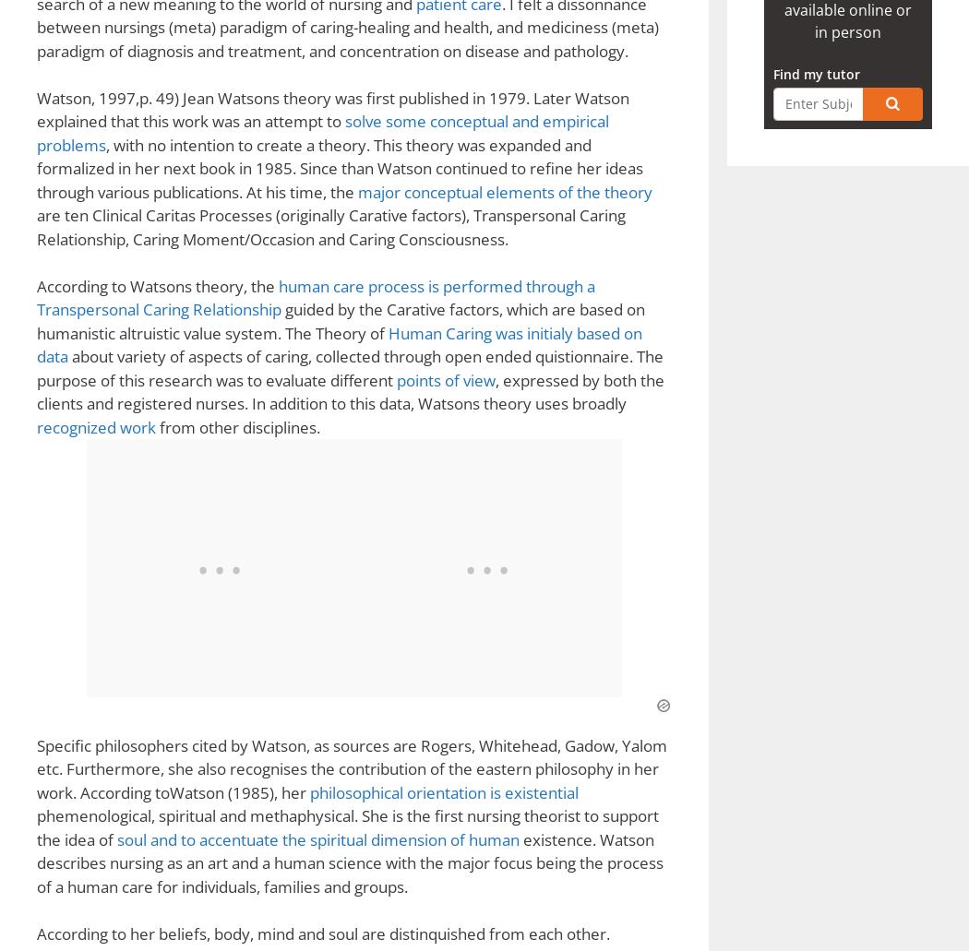  Describe the element at coordinates (133, 290) in the screenshot. I see `'Theory'` at that location.